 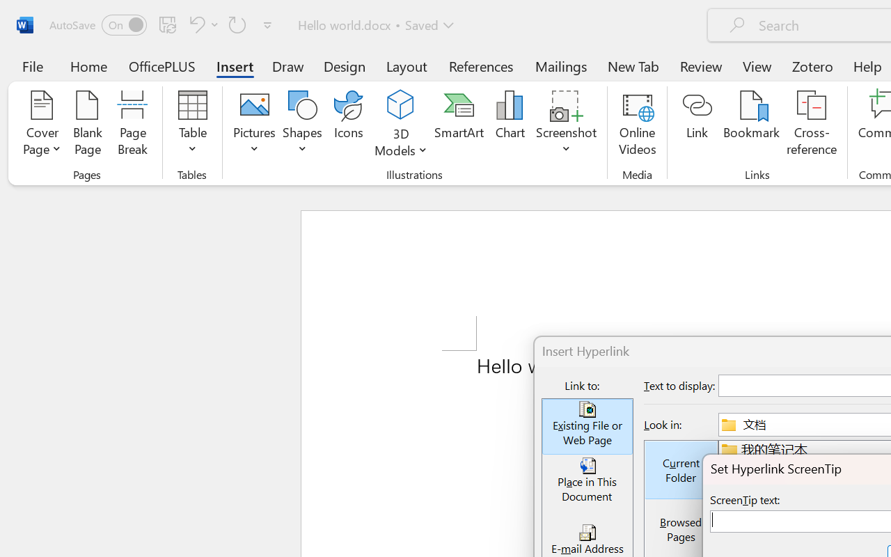 I want to click on 'Draw', so click(x=287, y=65).